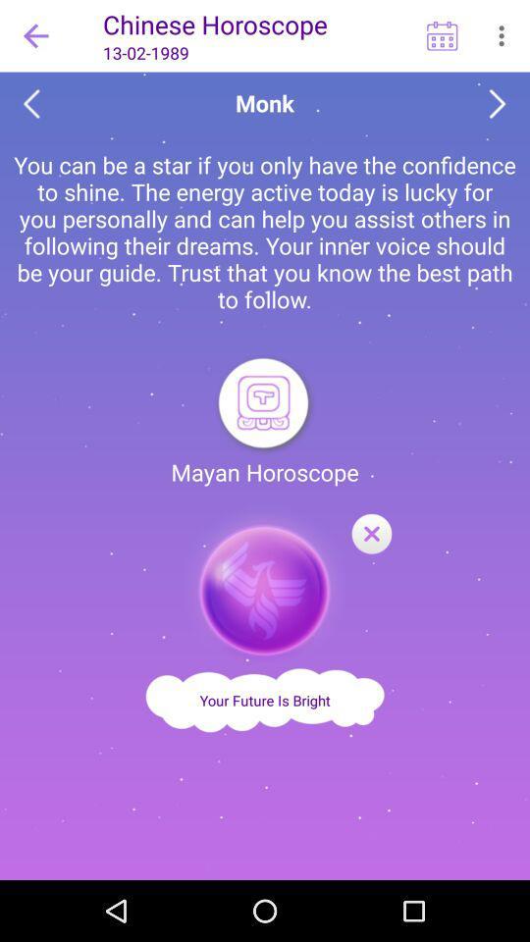  What do you see at coordinates (30, 104) in the screenshot?
I see `the arrow_backward icon` at bounding box center [30, 104].